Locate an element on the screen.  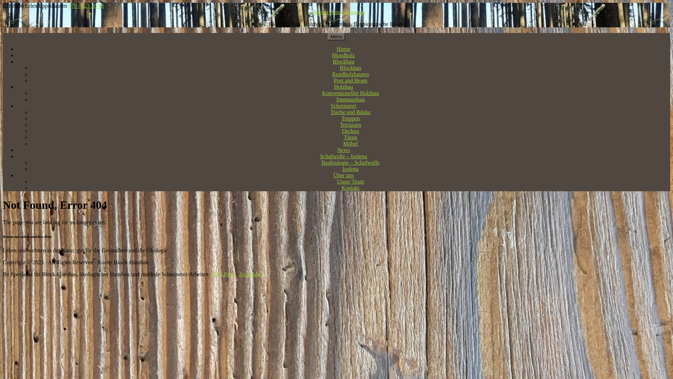
'079 / 623 38 48' is located at coordinates (86, 6).